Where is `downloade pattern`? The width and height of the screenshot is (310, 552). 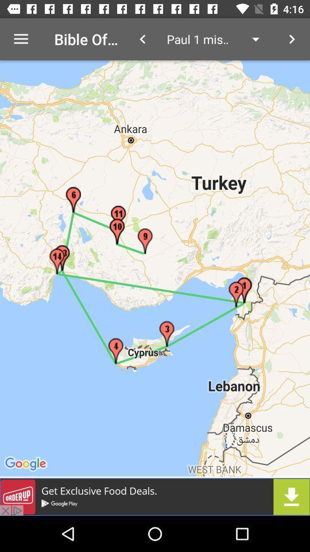
downloade pattern is located at coordinates (155, 496).